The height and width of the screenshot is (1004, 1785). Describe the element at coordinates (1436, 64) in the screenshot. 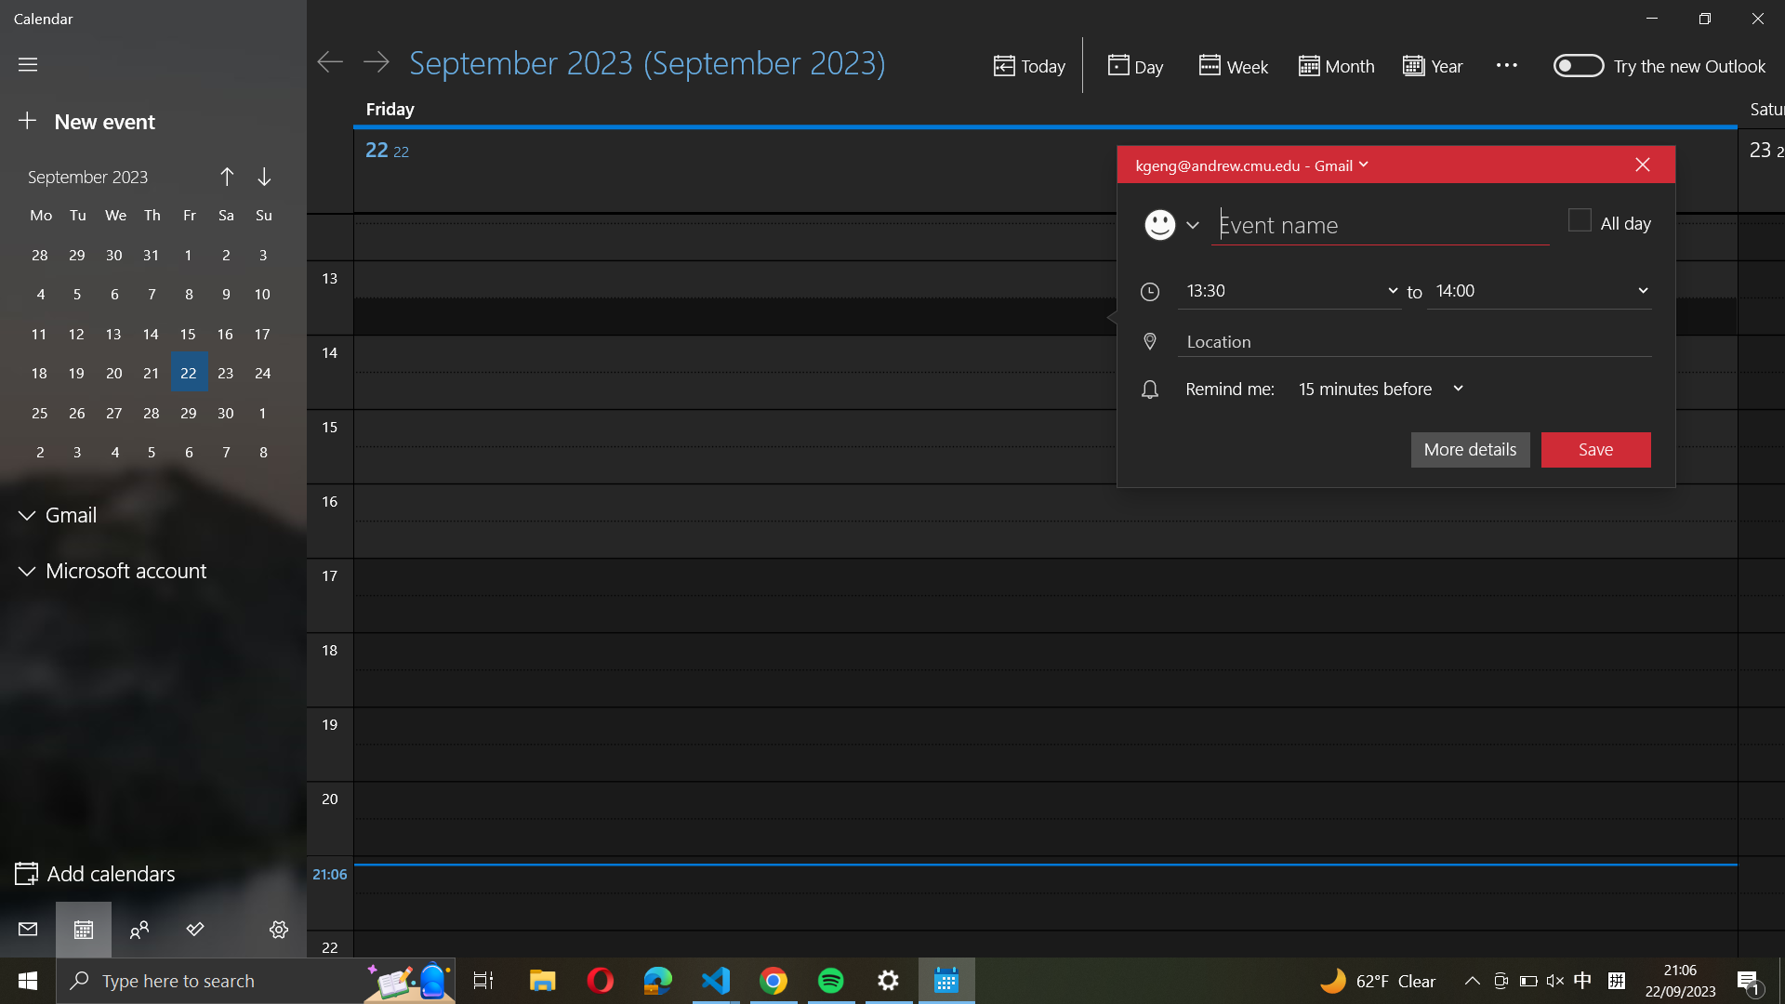

I see `Switch mode to "yearly" calendar` at that location.